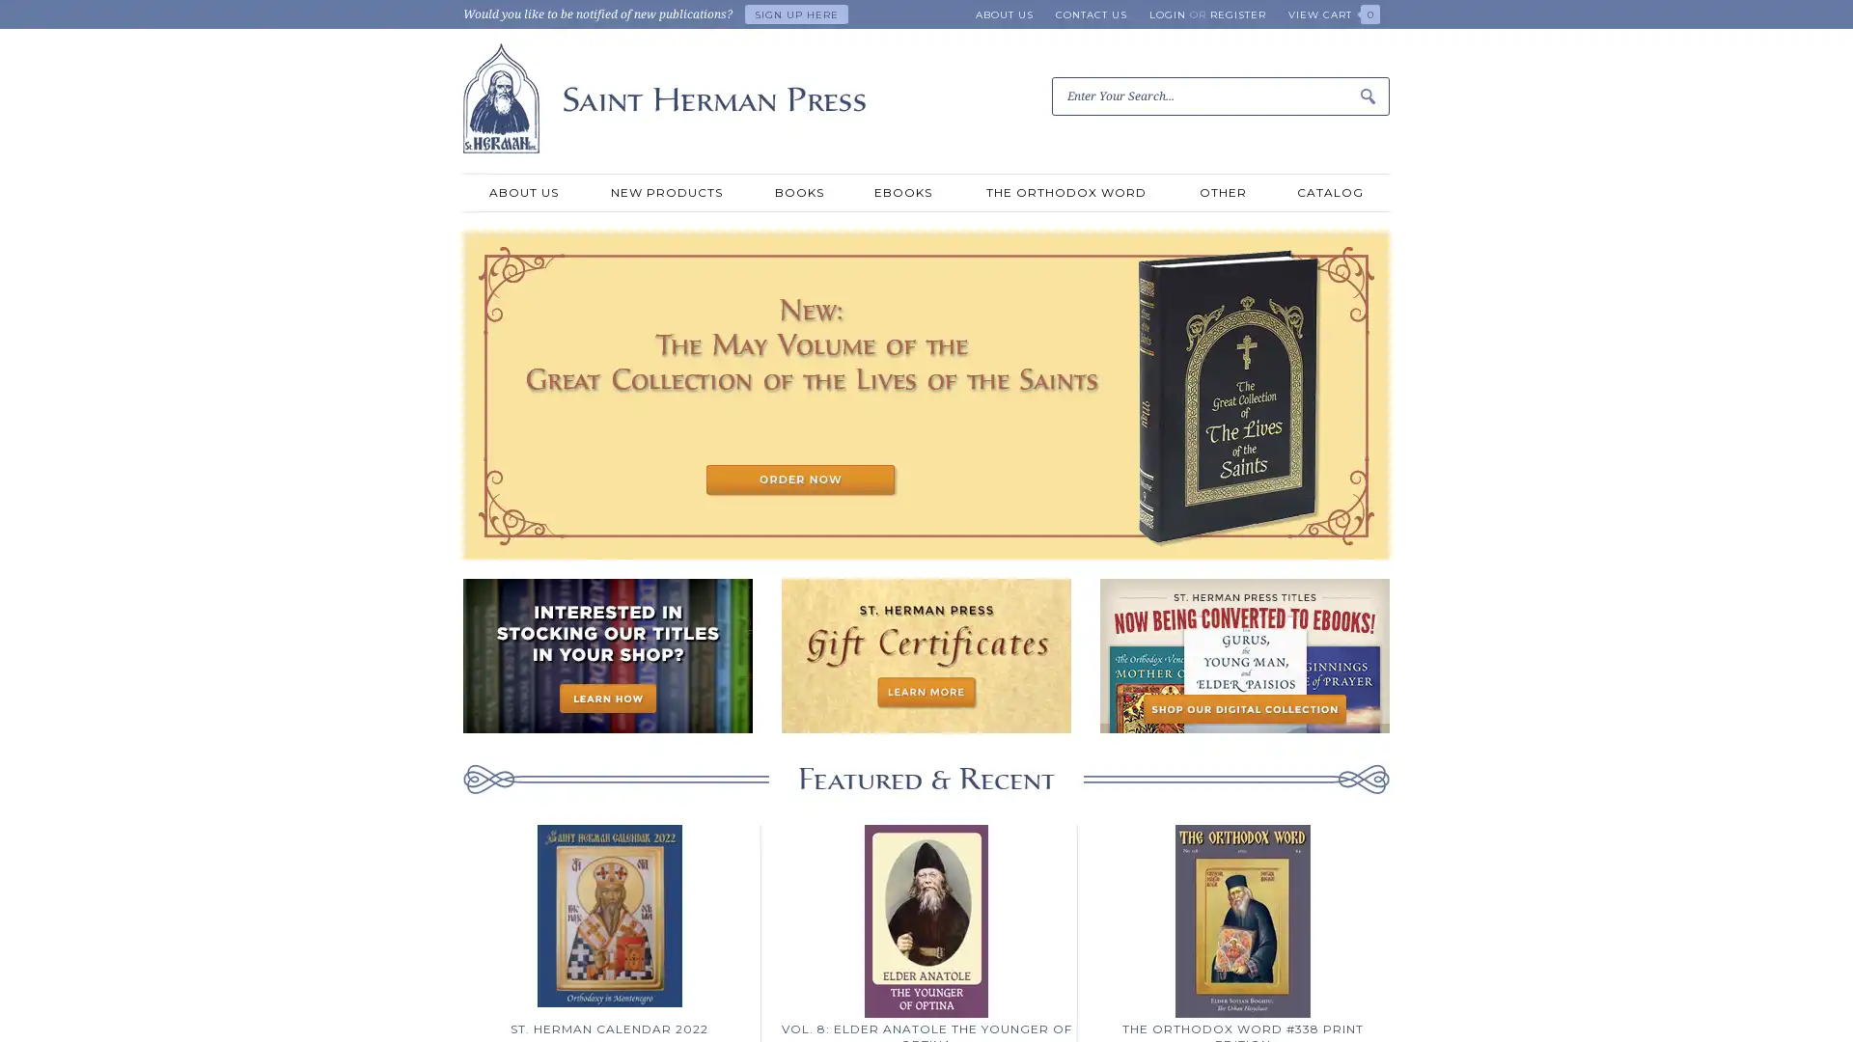 The image size is (1853, 1042). What do you see at coordinates (1367, 96) in the screenshot?
I see `Submit` at bounding box center [1367, 96].